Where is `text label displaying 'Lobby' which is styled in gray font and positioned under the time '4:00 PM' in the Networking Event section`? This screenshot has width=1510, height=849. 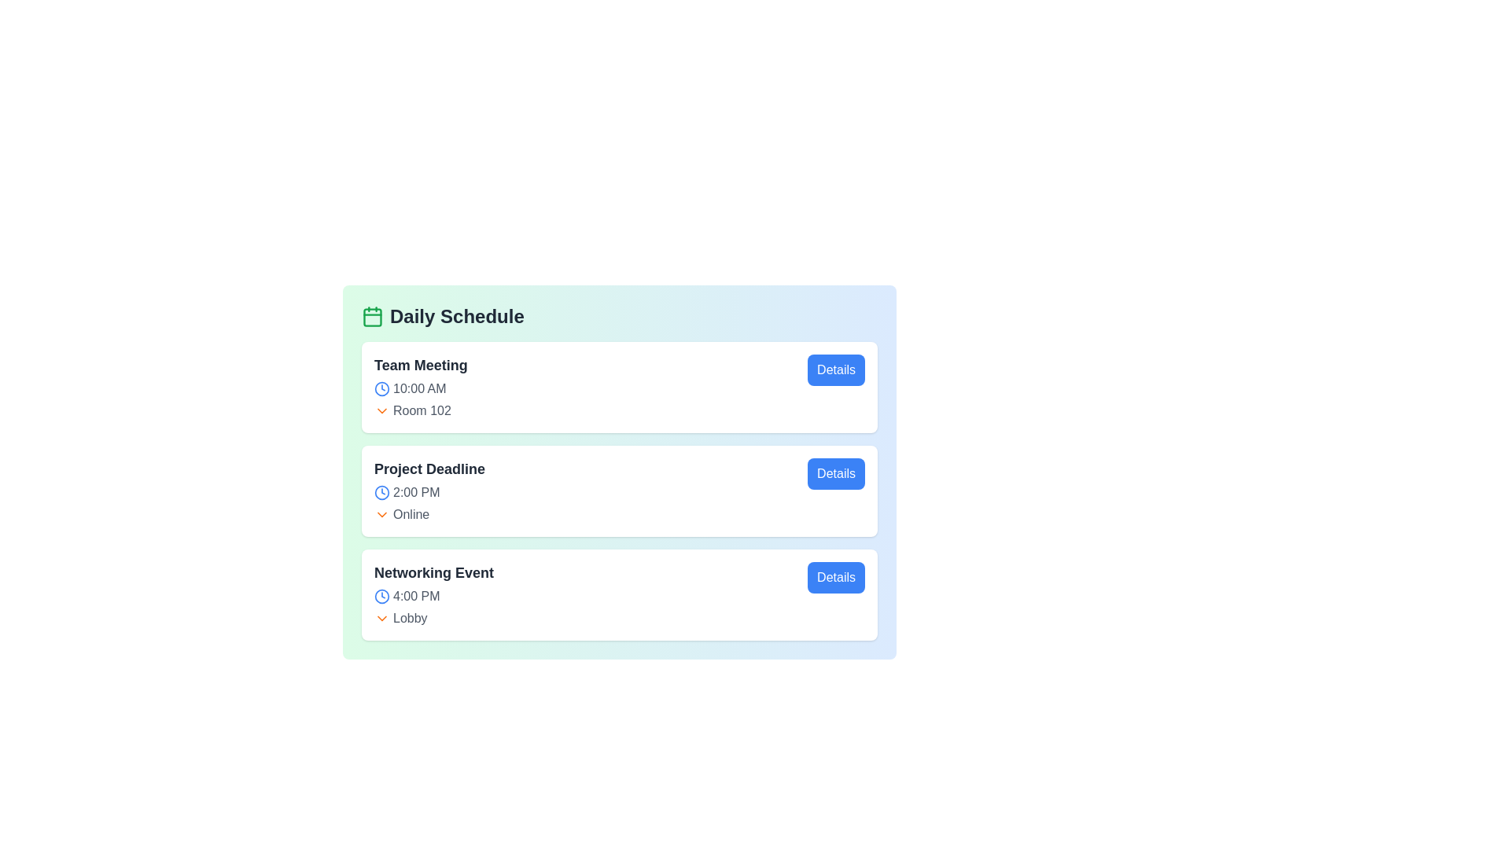
text label displaying 'Lobby' which is styled in gray font and positioned under the time '4:00 PM' in the Networking Event section is located at coordinates (410, 617).